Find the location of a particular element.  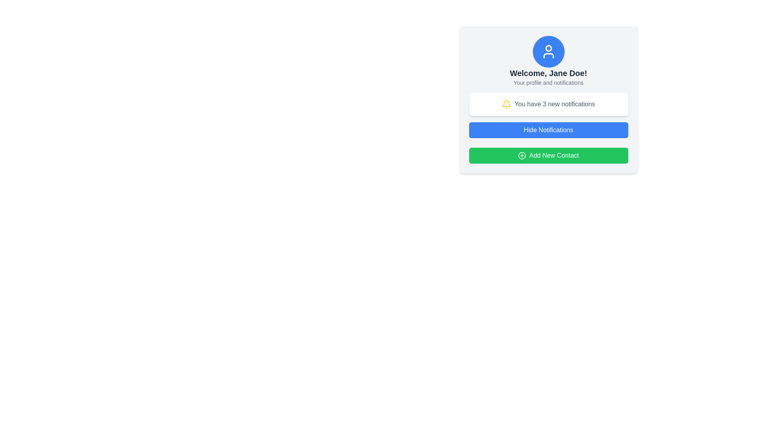

the small circular icon with a plus symbol inside it, which is styled to appear as a button and is located to the left of the 'Add New Contact' button text is located at coordinates (522, 155).